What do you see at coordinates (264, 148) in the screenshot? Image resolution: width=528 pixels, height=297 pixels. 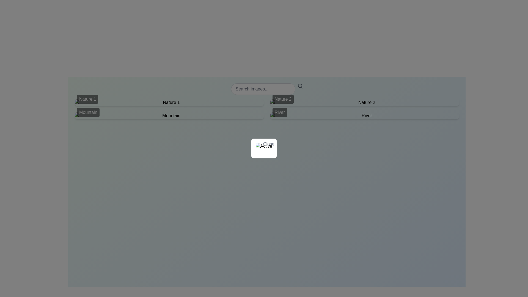 I see `the Info card which contains an icon resembling an image placeholder and the word 'Active' in bold letters, to show the context menu` at bounding box center [264, 148].